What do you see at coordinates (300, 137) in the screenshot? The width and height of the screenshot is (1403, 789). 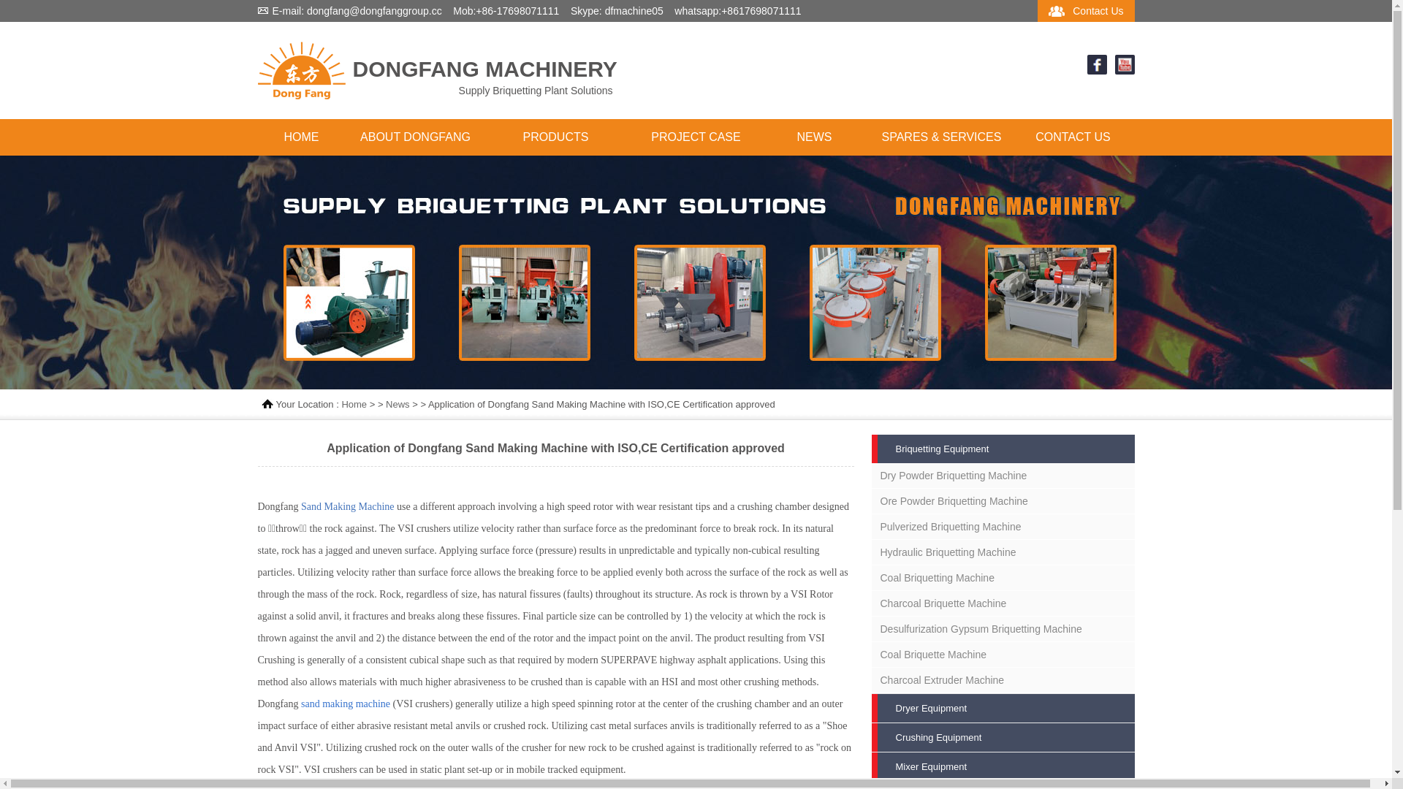 I see `'HOME'` at bounding box center [300, 137].